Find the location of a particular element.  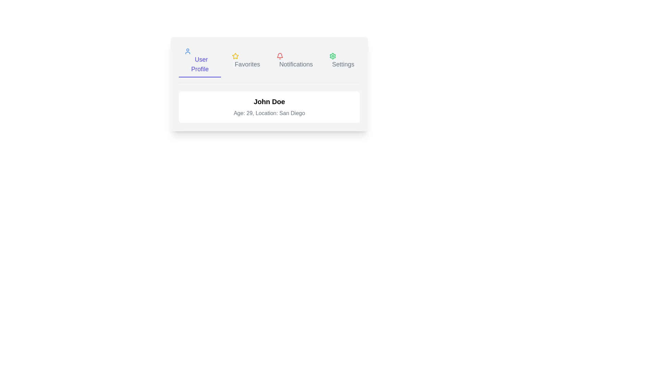

the Text display block containing the bold title 'John Doe' and additional details 'Age: 29, Location: San Diego', centrally aligned within a white rounded rectangle is located at coordinates (269, 107).